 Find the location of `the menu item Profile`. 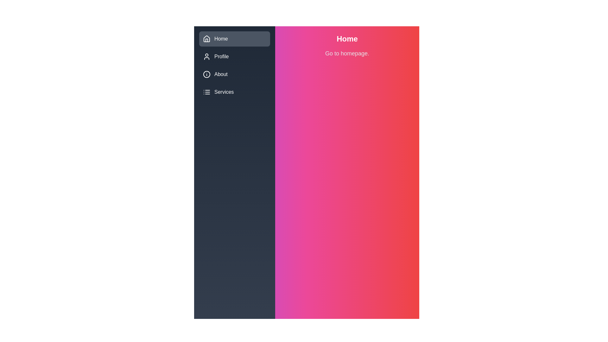

the menu item Profile is located at coordinates (234, 56).